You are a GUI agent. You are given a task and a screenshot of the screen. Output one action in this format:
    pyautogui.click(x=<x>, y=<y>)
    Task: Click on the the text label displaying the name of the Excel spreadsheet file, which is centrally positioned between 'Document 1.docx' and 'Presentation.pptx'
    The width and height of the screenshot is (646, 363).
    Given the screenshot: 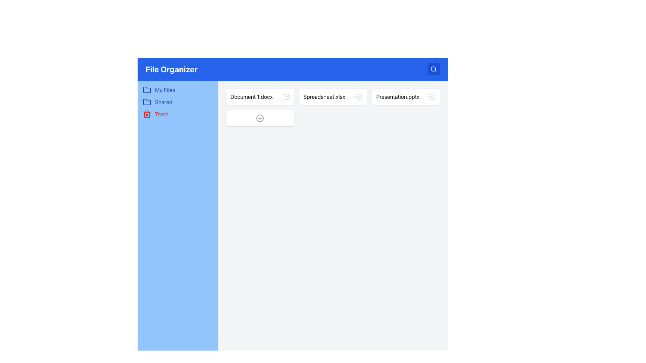 What is the action you would take?
    pyautogui.click(x=324, y=97)
    